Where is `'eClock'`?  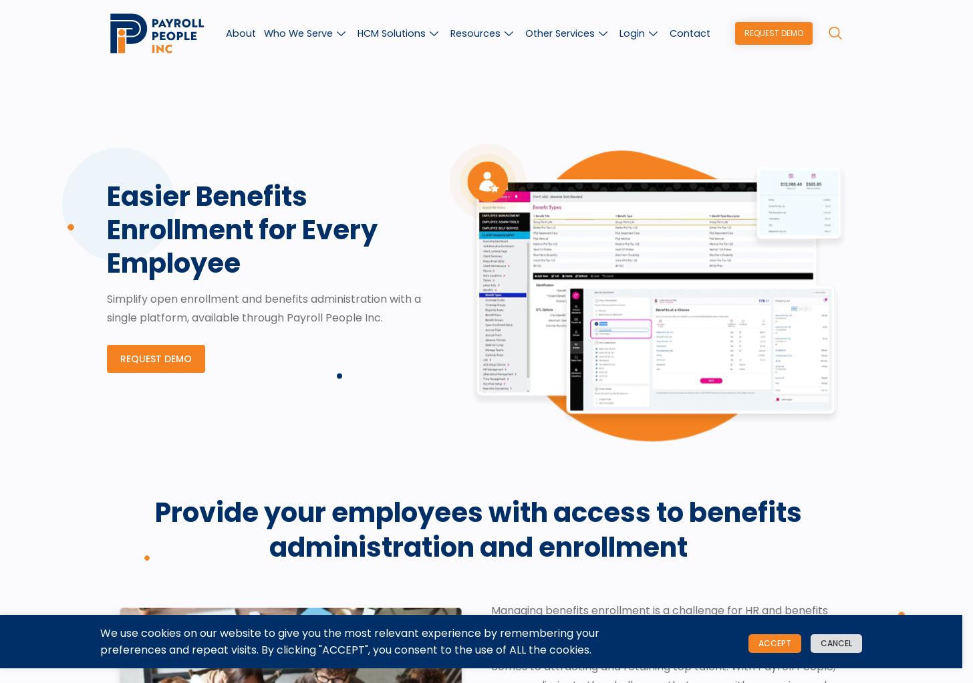 'eClock' is located at coordinates (692, 295).